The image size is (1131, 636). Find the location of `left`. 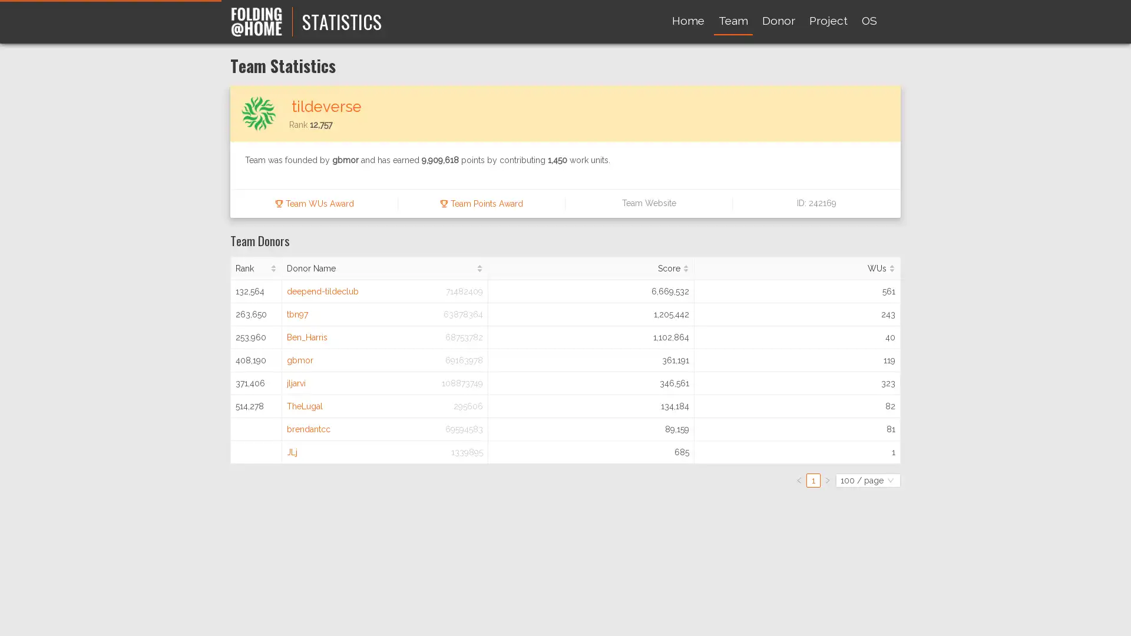

left is located at coordinates (799, 479).